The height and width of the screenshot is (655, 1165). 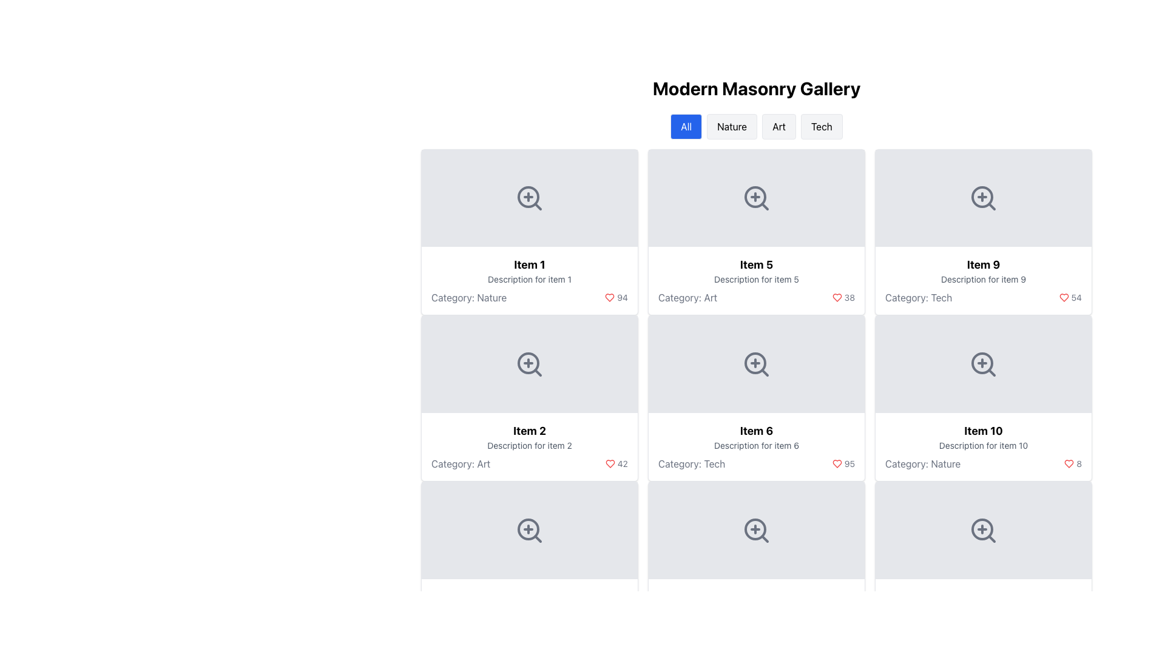 What do you see at coordinates (779, 126) in the screenshot?
I see `the 'Art' button, which is the third button in a horizontal group of four buttons below the title 'Modern Masonry Gallery', to filter items` at bounding box center [779, 126].